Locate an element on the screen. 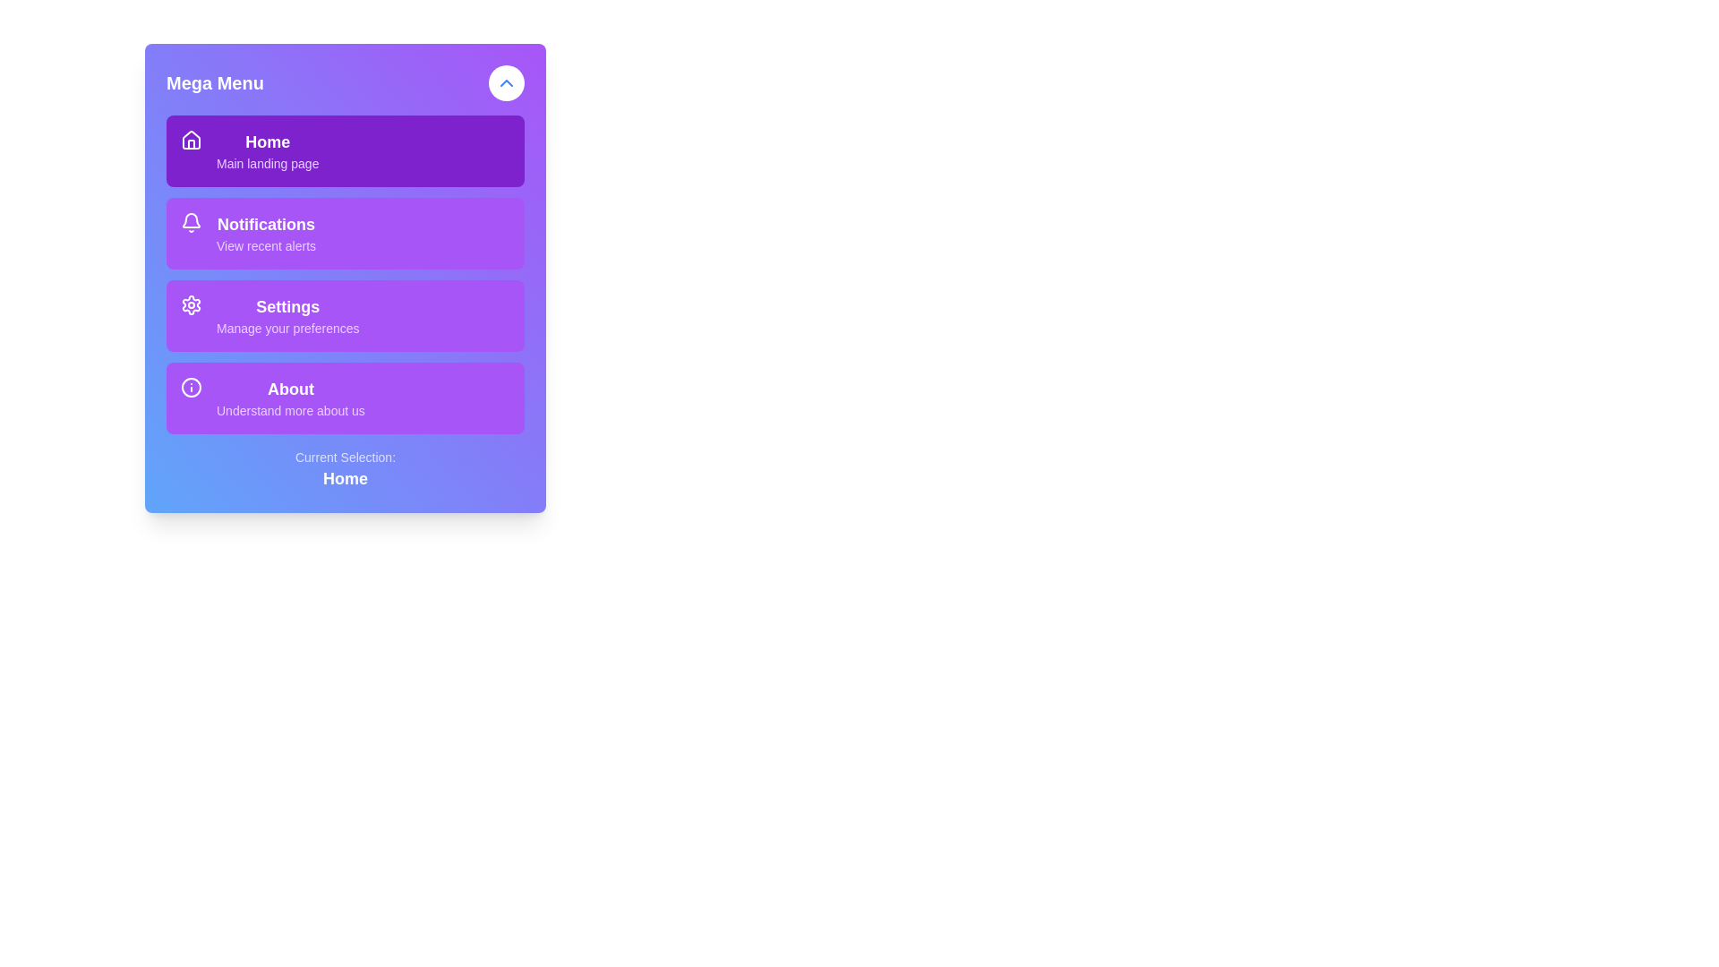 This screenshot has width=1719, height=967. the 'Settings' text label located in the purple-themed sidebar, which is the third item in the vertical list of menu options, positioned between 'Notifications' and 'About' is located at coordinates (287, 315).